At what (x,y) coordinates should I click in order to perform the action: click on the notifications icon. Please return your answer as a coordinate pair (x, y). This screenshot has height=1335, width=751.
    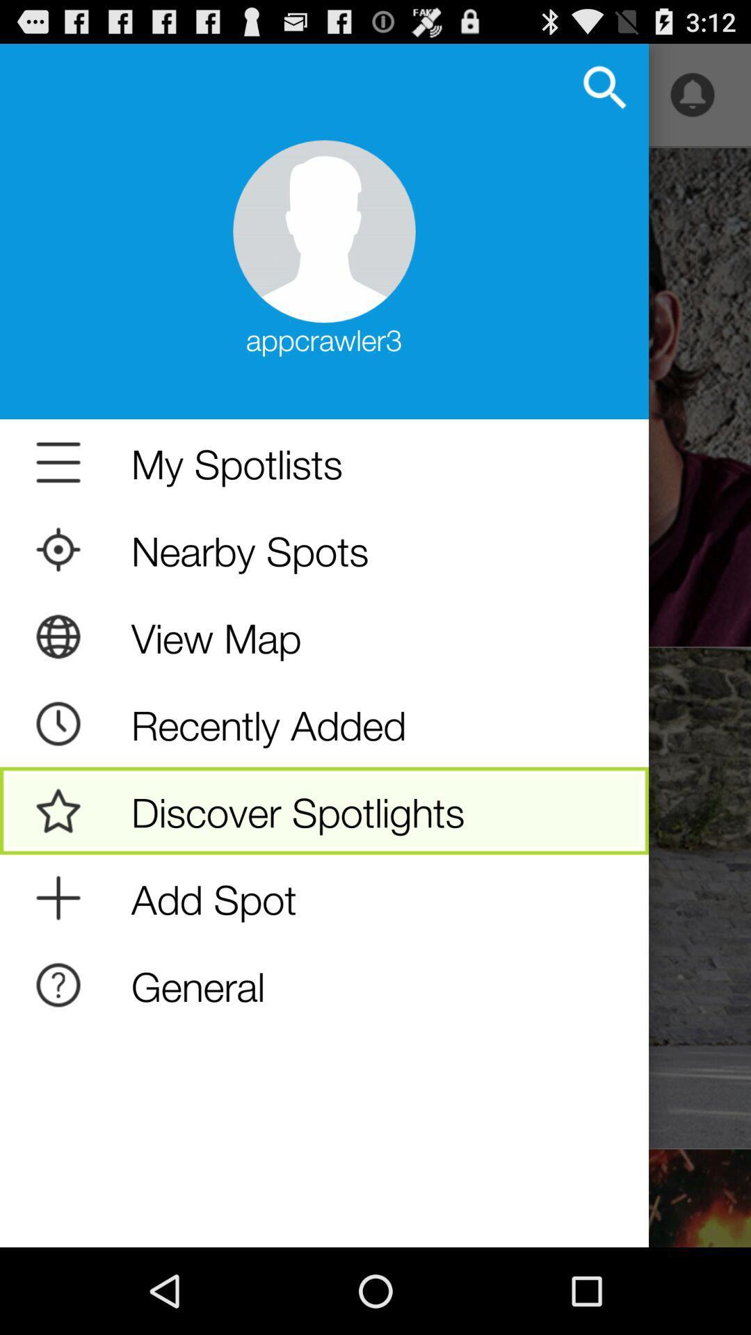
    Looking at the image, I should click on (692, 101).